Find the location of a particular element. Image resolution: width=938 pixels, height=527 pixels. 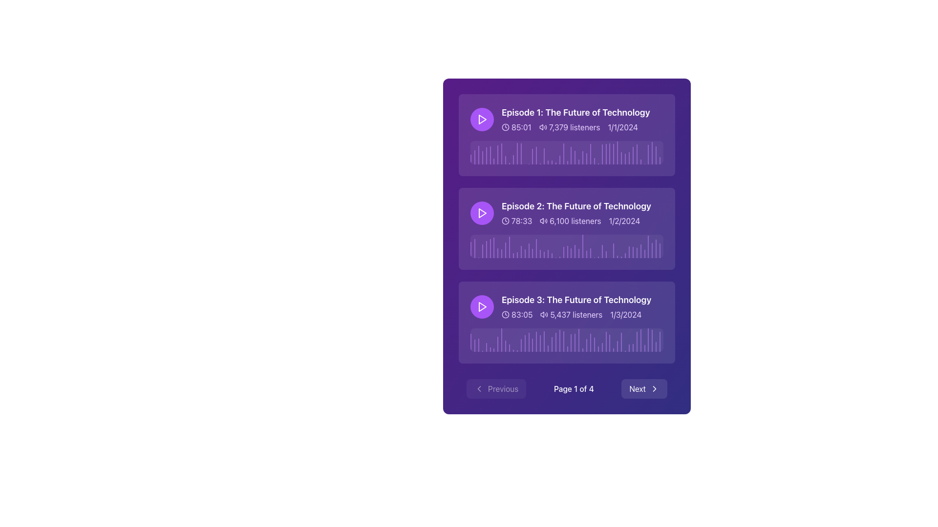

the fifth vertical segment of the progress bar for 'Episode 1: The Future of Technology', which is a semi-transparent purple line positioned towards the left at approximately 8% of the total width is located at coordinates (486, 155).